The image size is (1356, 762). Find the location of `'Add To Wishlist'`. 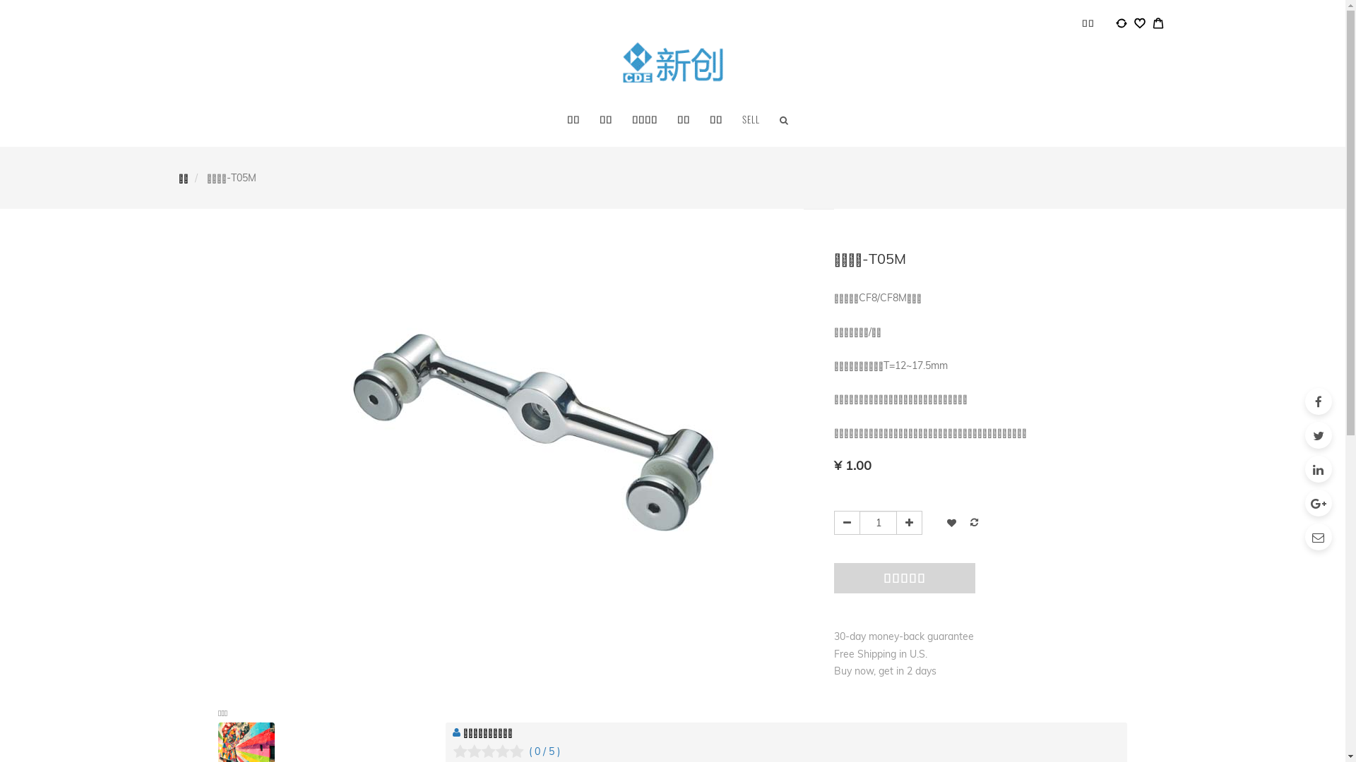

'Add To Wishlist' is located at coordinates (951, 522).